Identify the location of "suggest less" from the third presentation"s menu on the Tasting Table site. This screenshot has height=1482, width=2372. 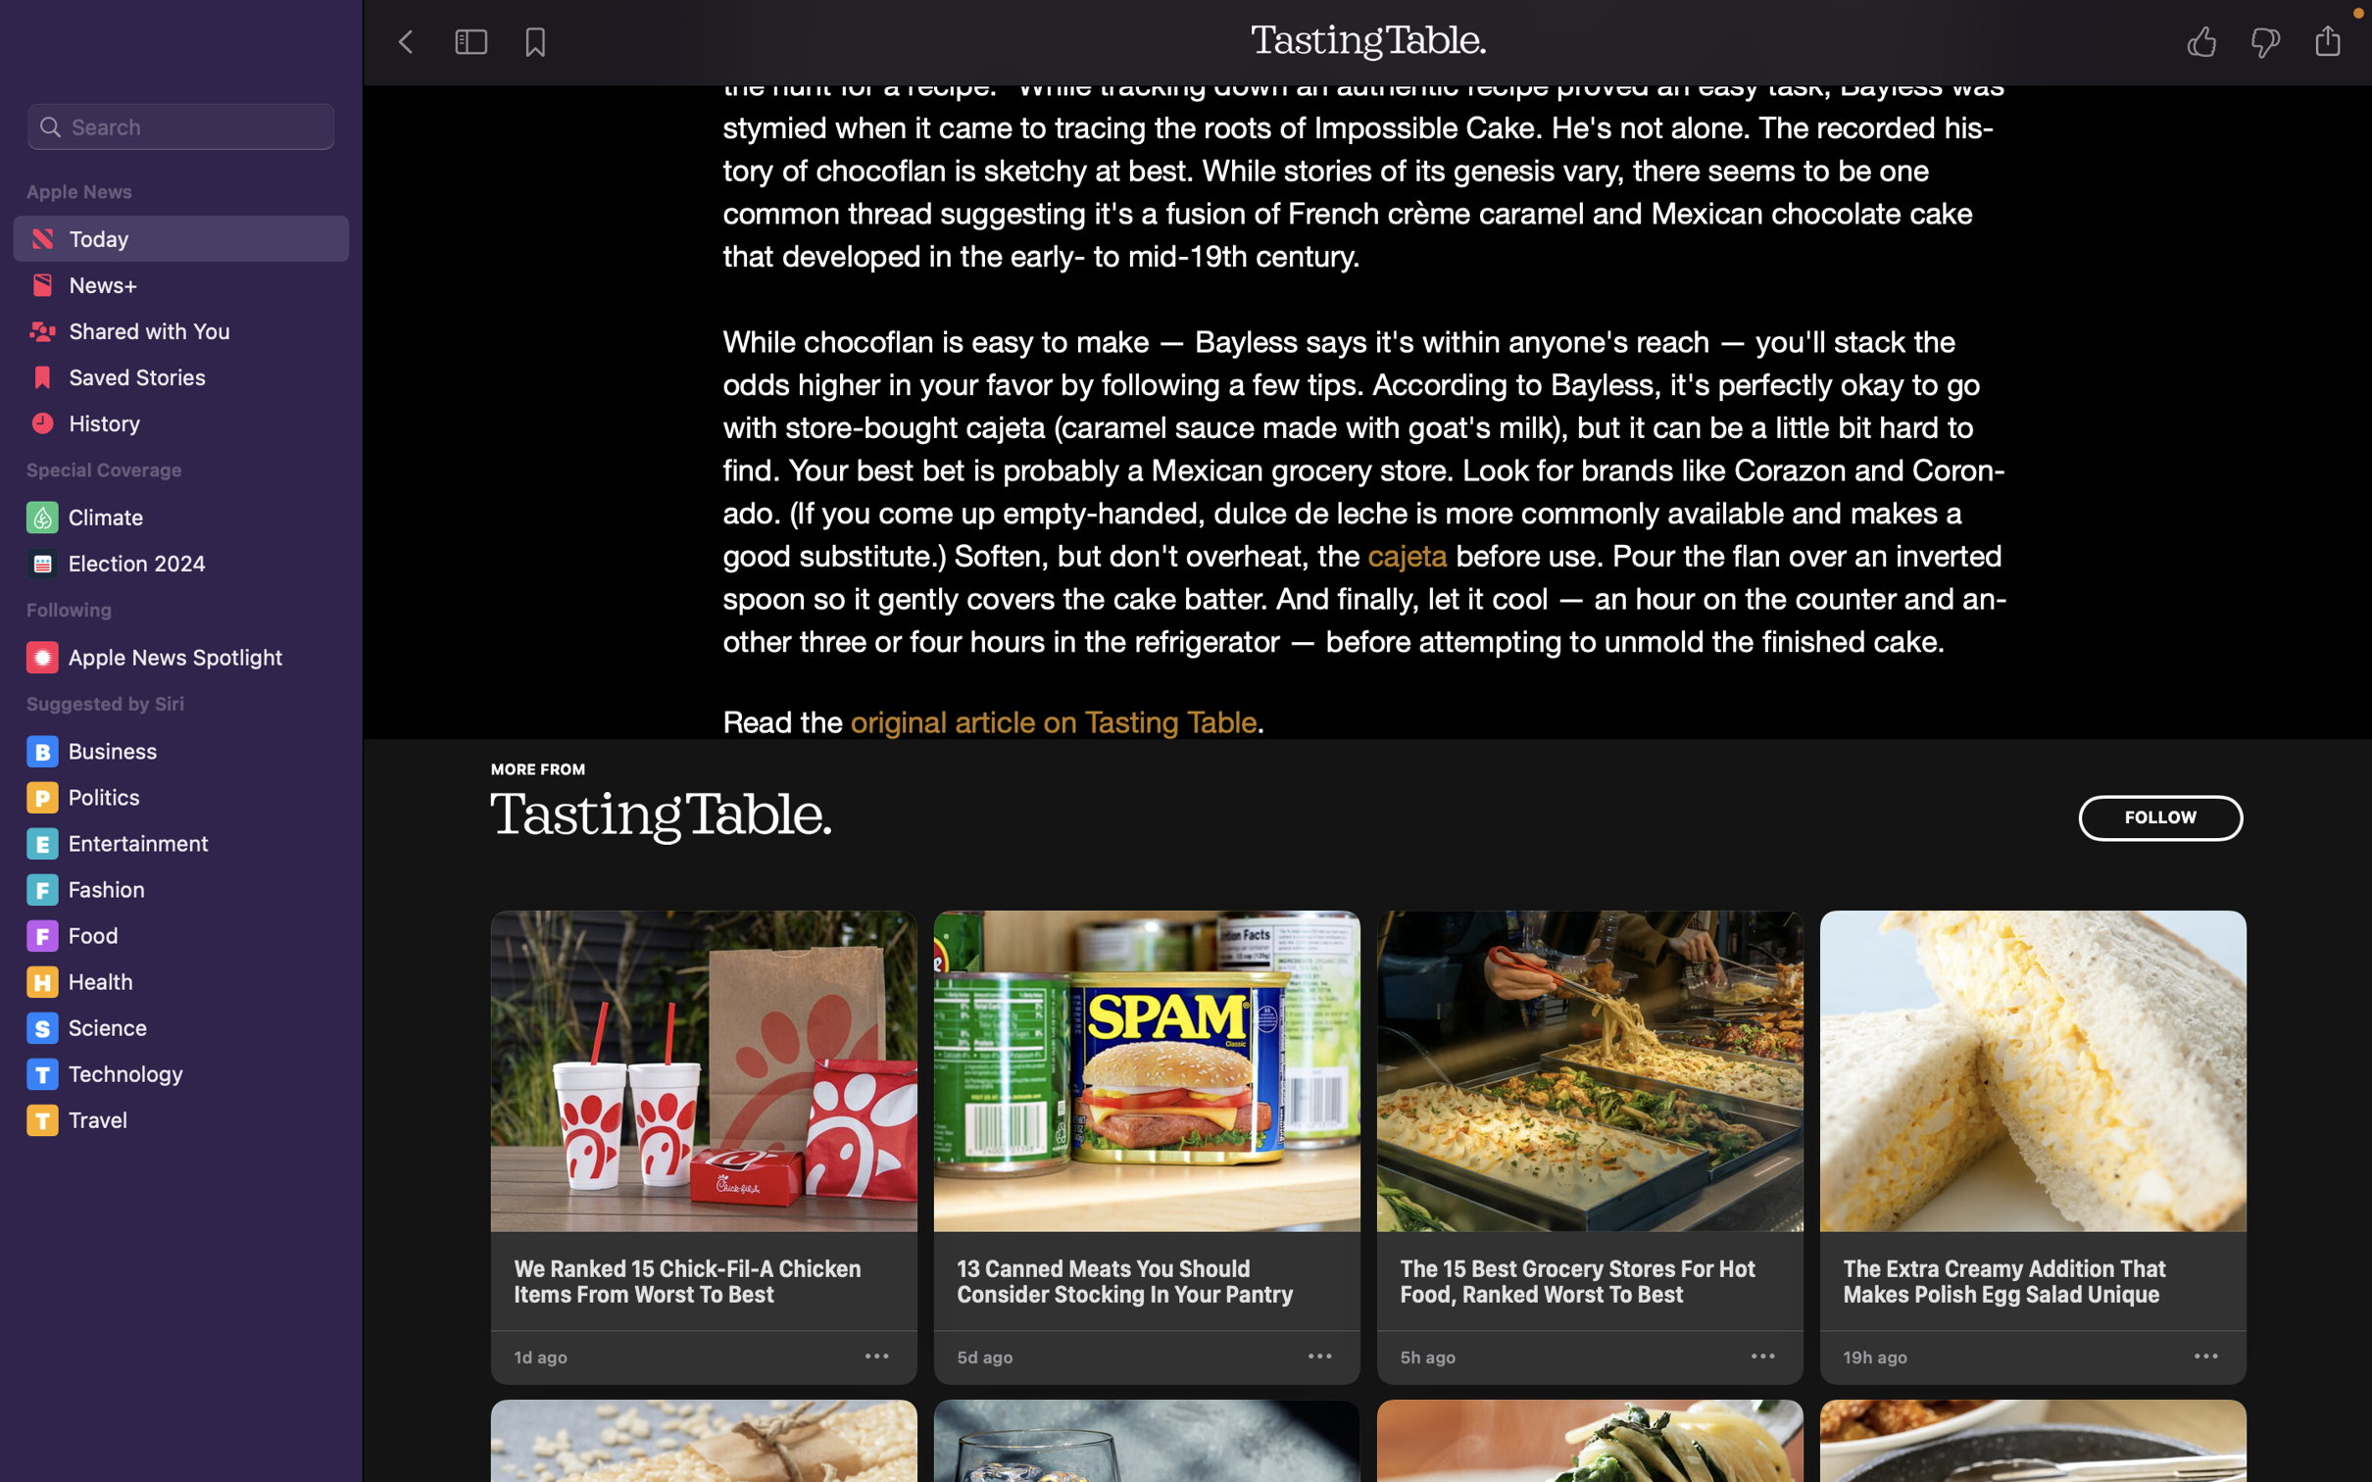
(1761, 1357).